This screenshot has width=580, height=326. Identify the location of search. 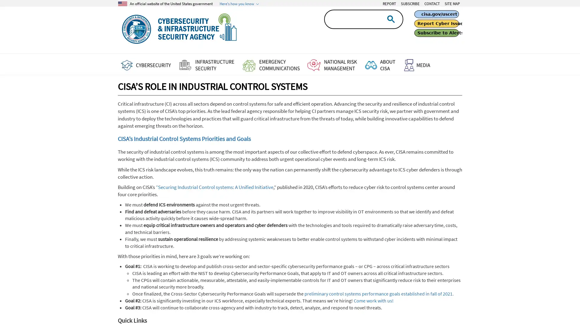
(390, 18).